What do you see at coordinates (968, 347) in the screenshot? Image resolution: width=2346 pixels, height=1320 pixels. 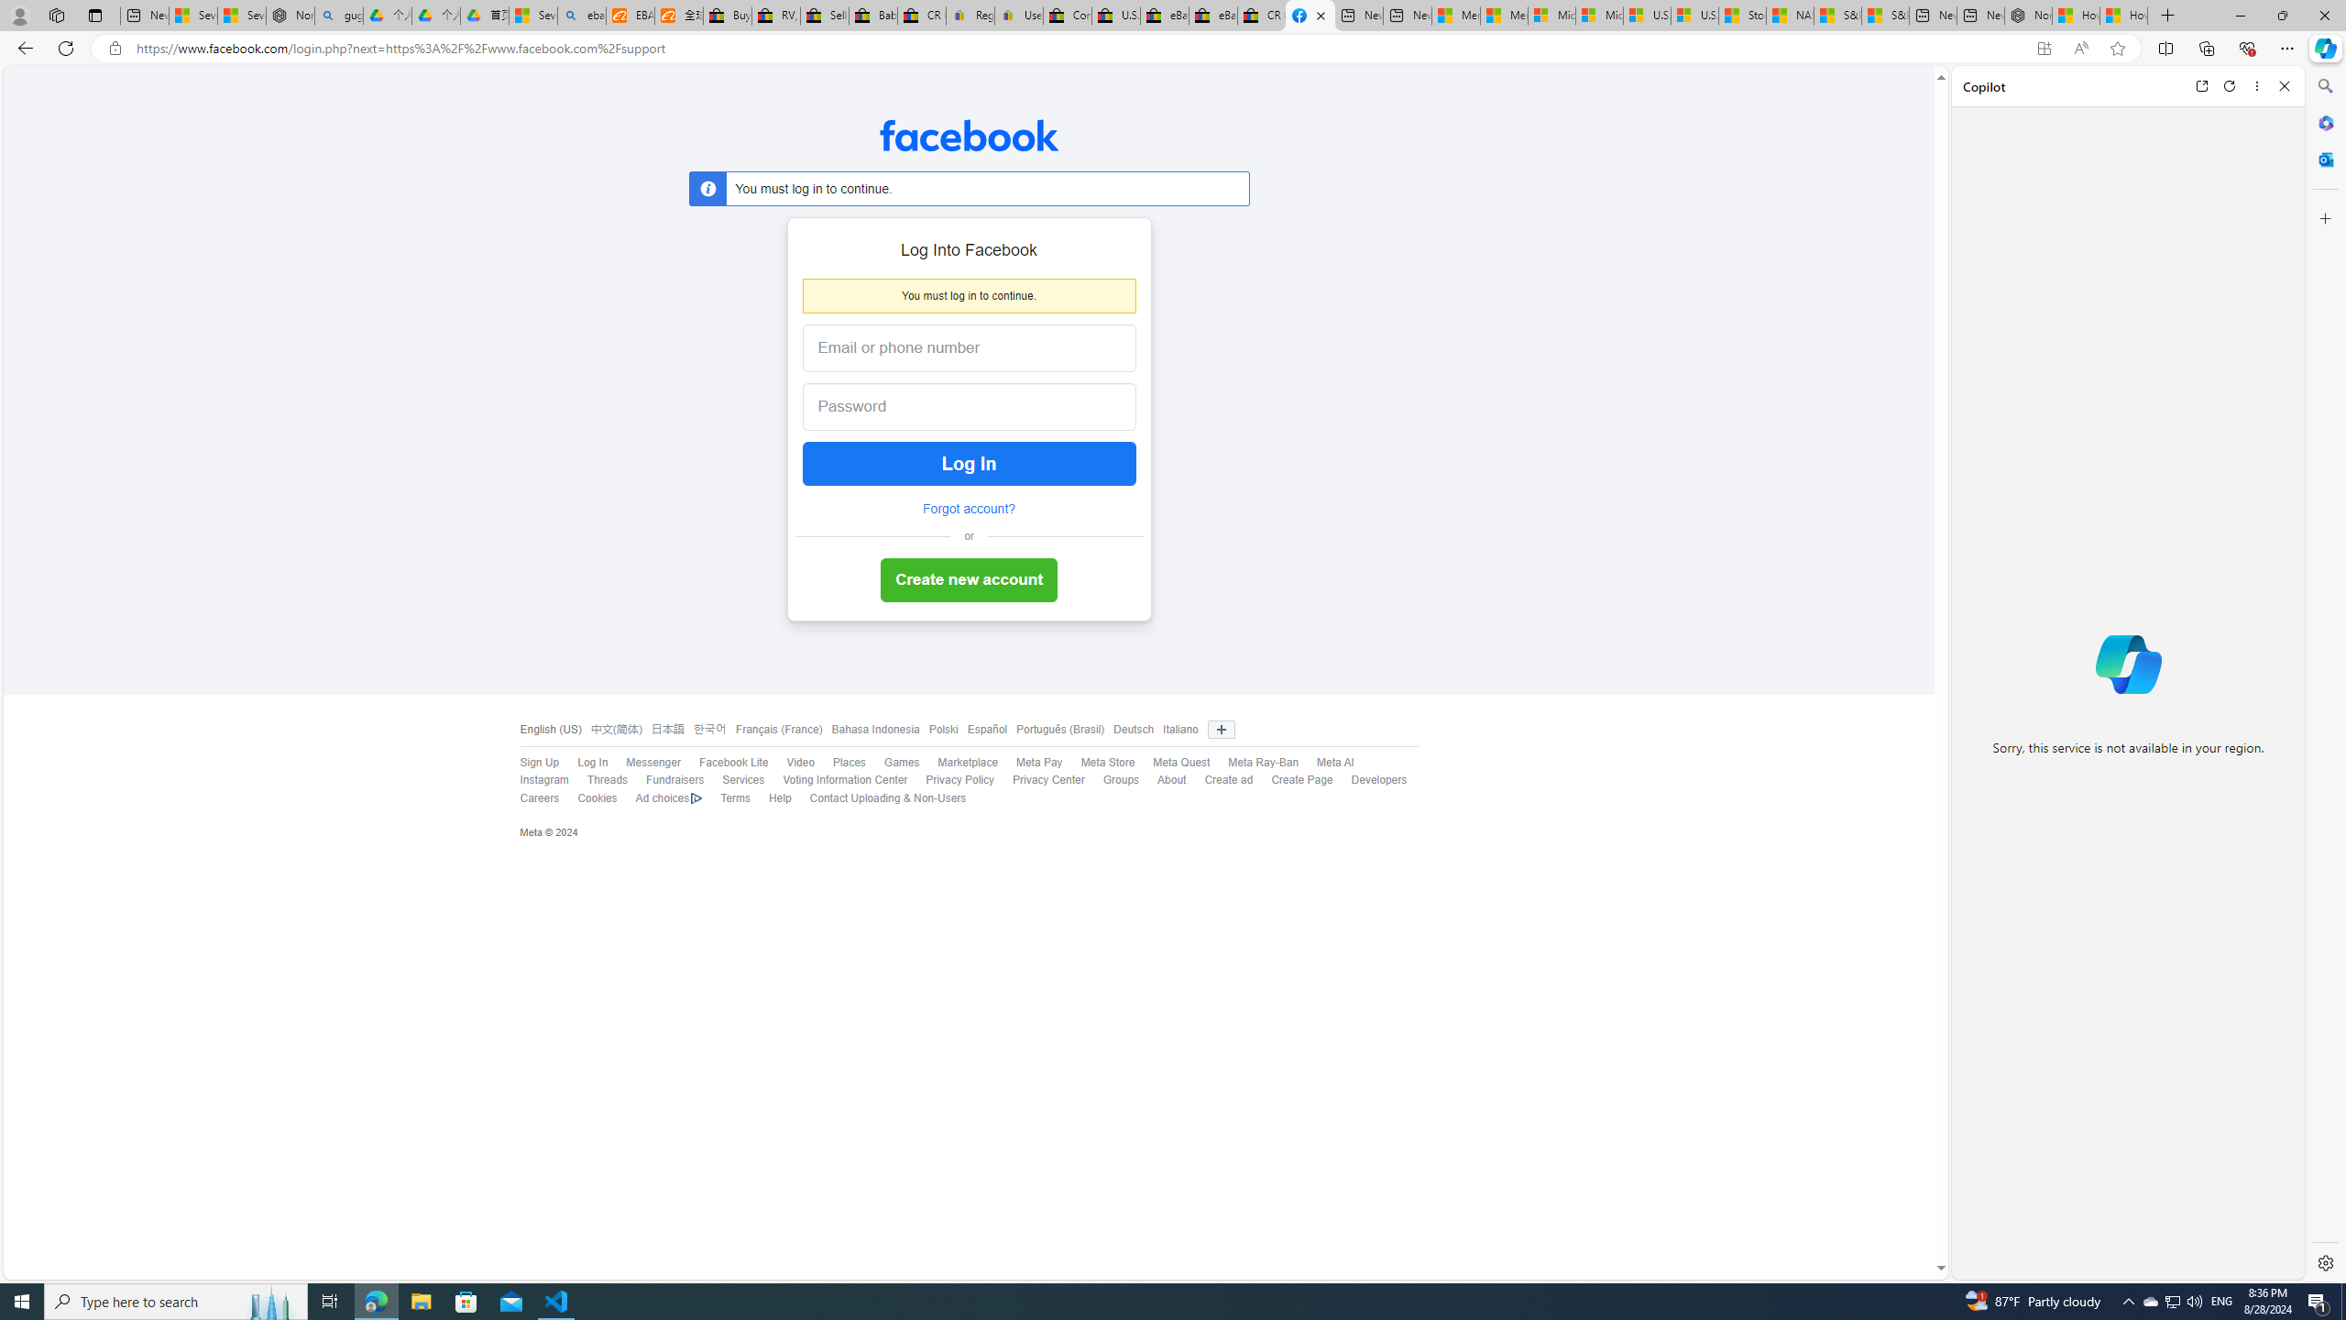 I see `'Email or phone number'` at bounding box center [968, 347].